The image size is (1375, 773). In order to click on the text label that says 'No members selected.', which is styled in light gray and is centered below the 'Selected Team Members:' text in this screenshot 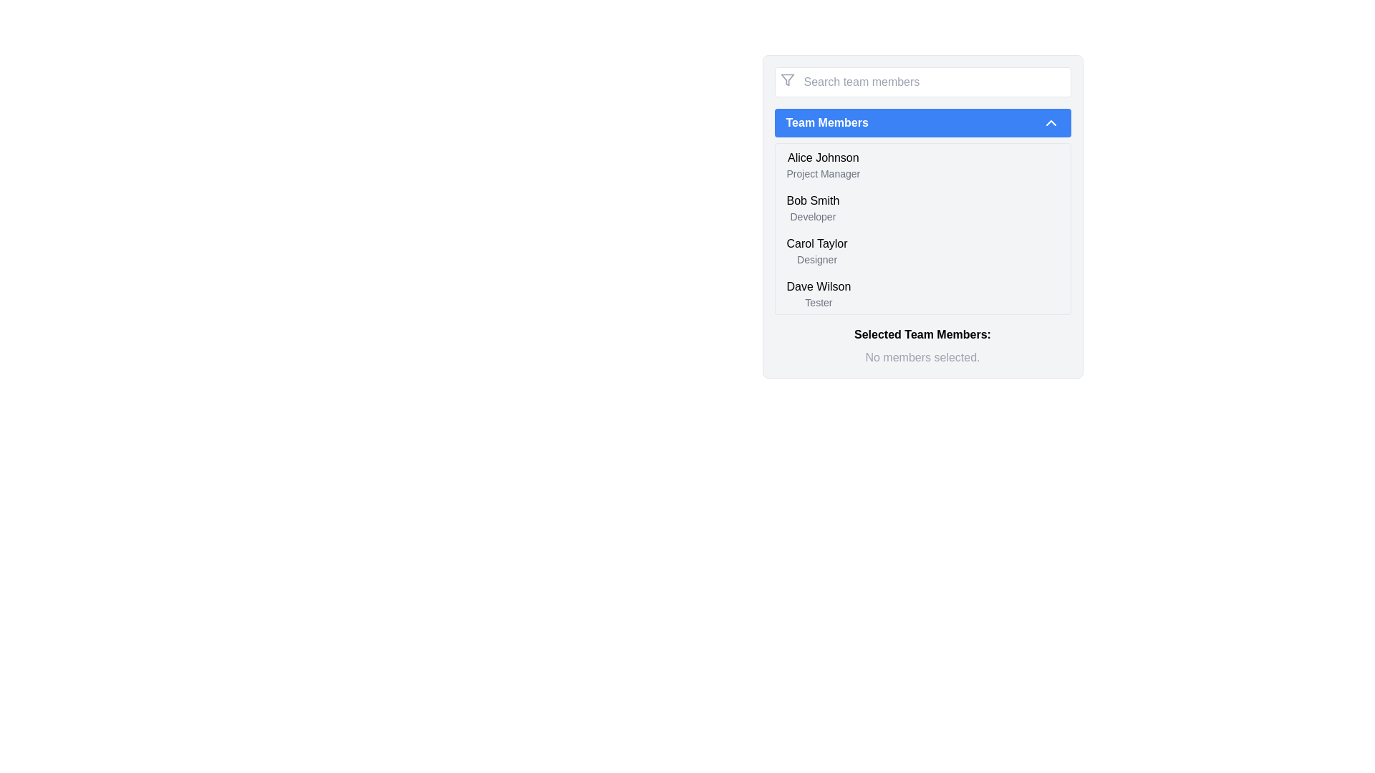, I will do `click(922, 357)`.